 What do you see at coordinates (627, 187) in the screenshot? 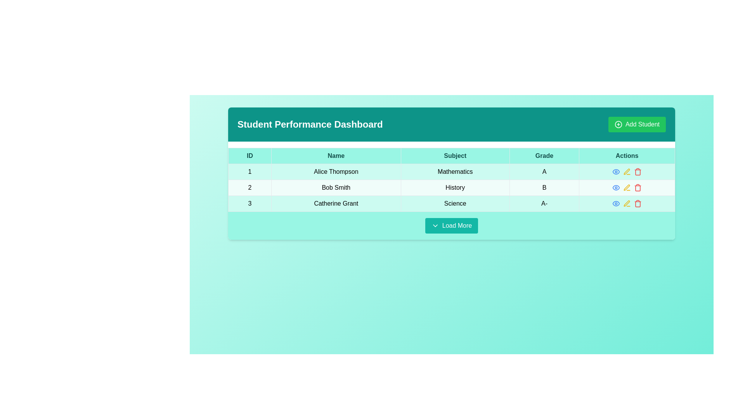
I see `the pen-shaped icon in the 'Actions' column of the second row to initiate an edit action` at bounding box center [627, 187].